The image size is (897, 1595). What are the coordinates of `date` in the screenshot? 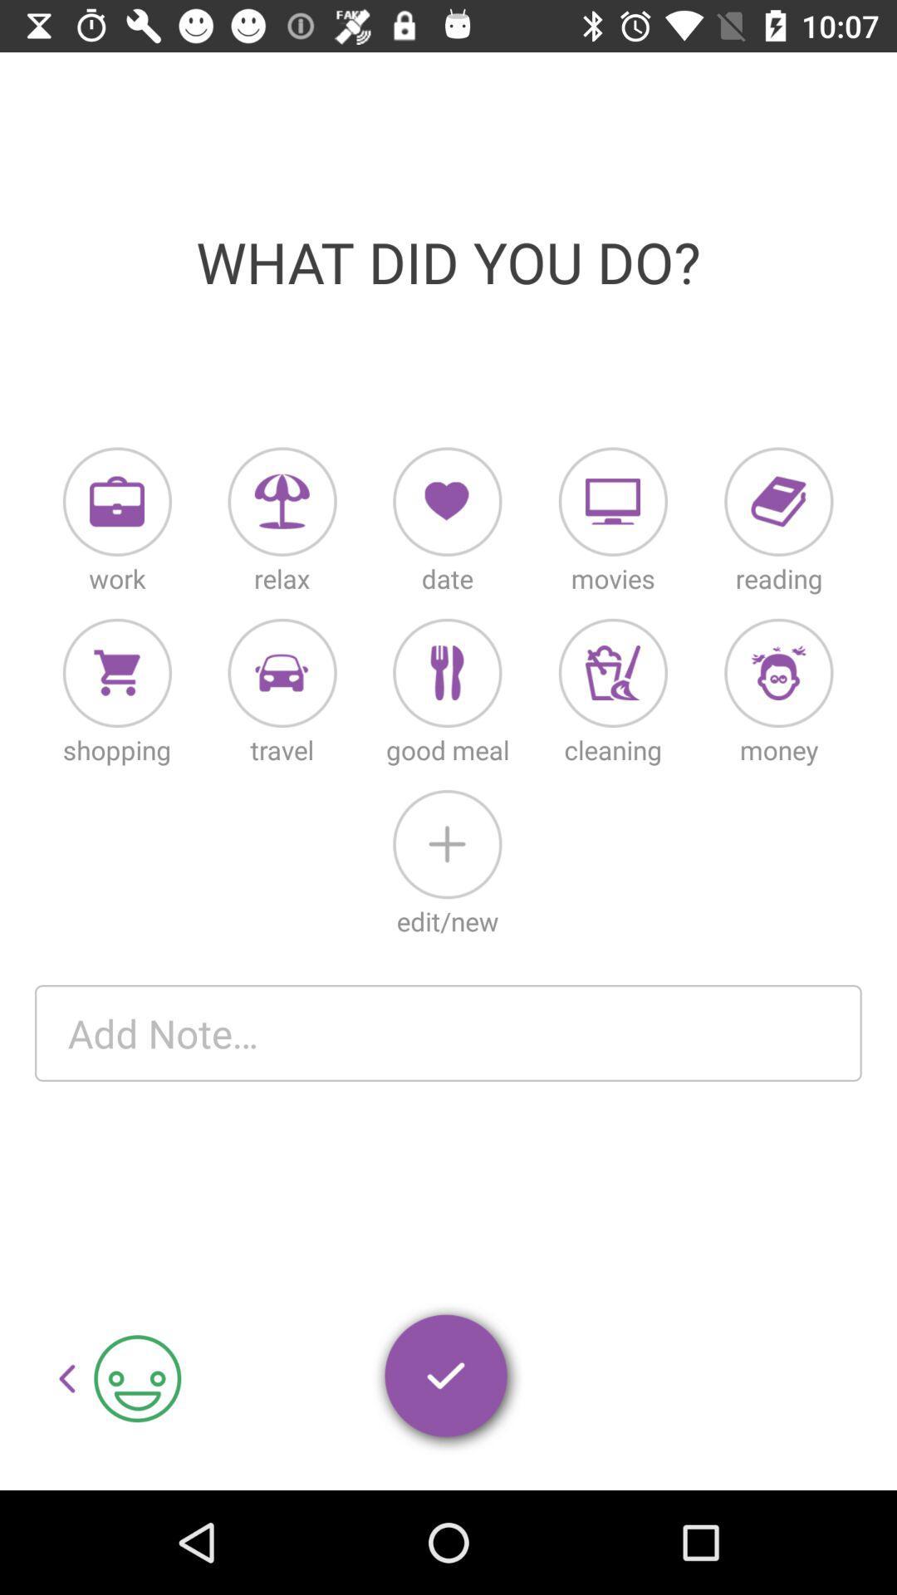 It's located at (446, 501).